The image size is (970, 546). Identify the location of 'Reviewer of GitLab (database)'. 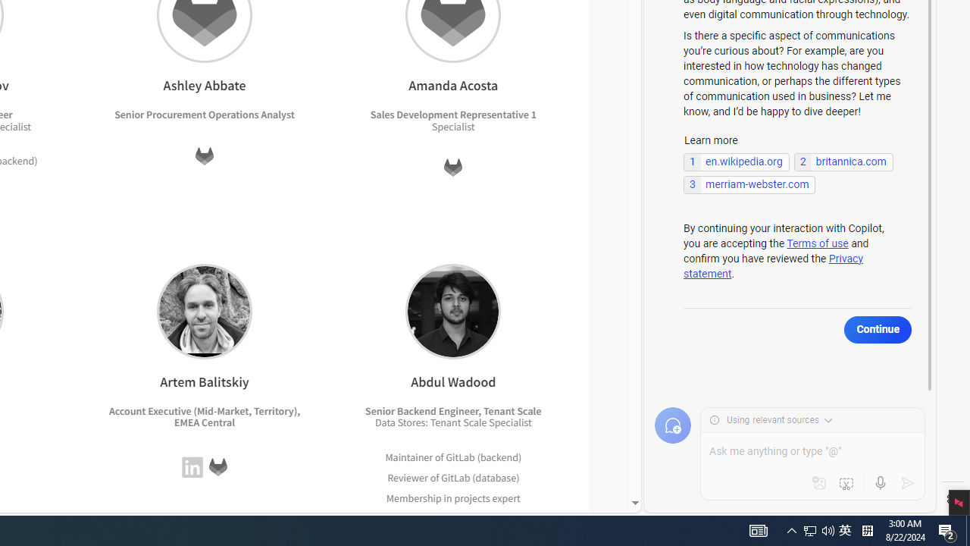
(452, 476).